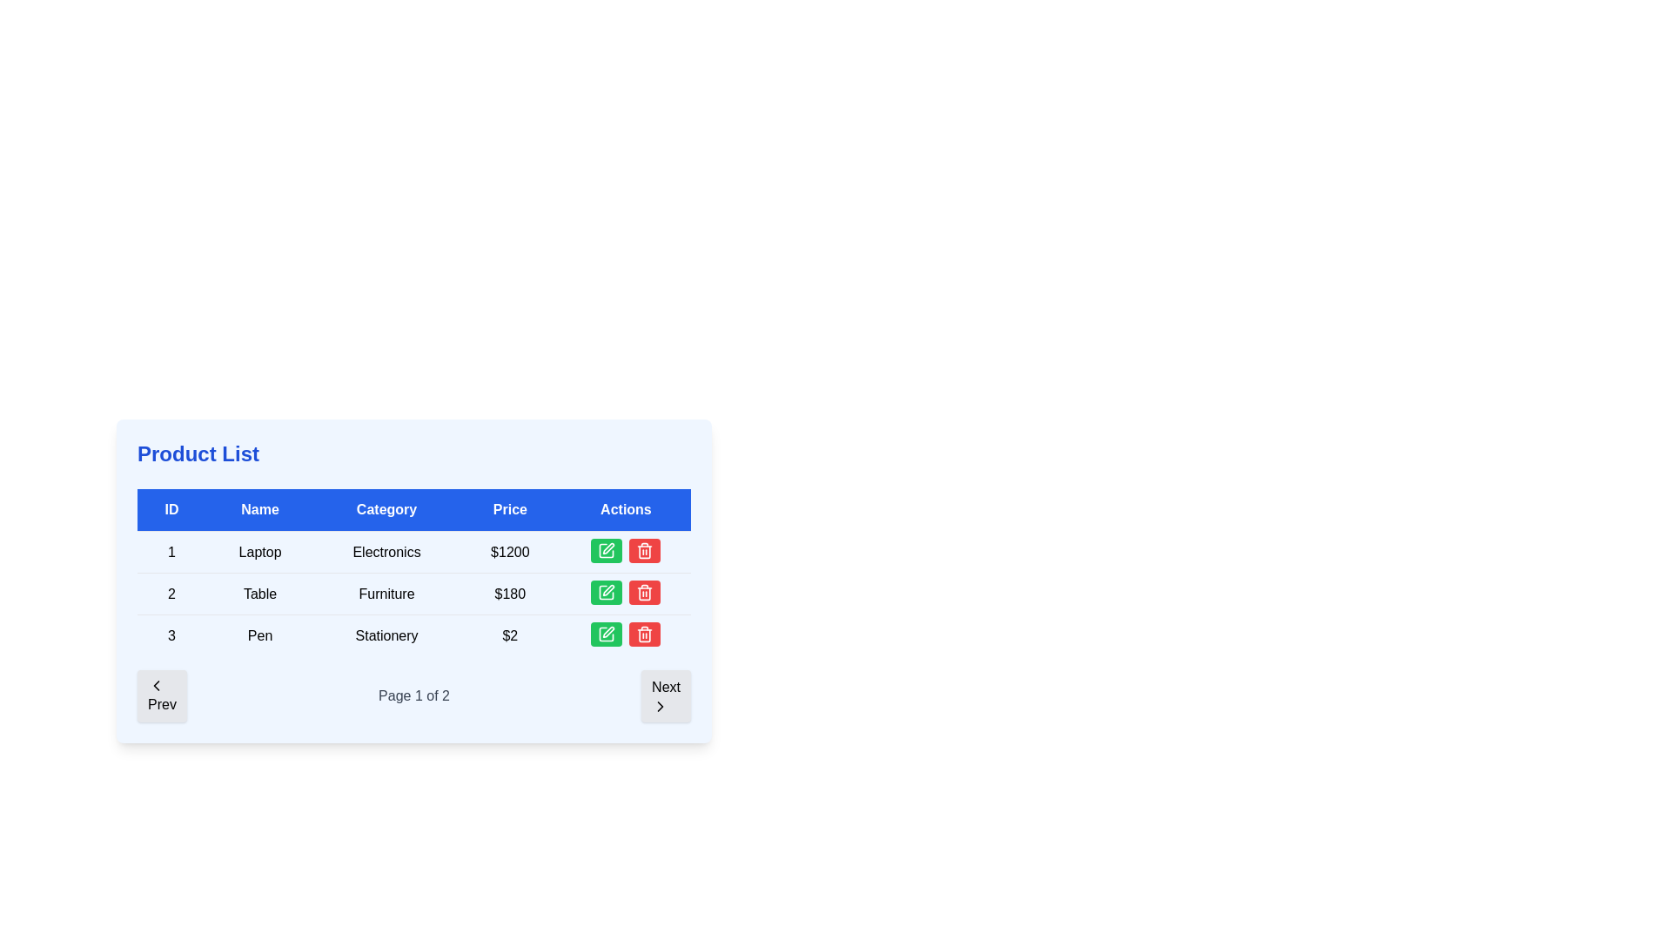 This screenshot has height=940, width=1671. I want to click on the red button with rounded corners containing a white trash can icon, located in the 'Actions' column at the third row of the table, so click(644, 634).